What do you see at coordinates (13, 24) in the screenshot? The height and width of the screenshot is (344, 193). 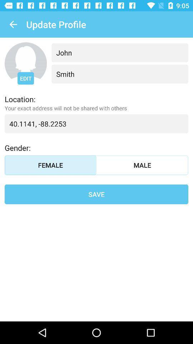 I see `the icon next to update profile item` at bounding box center [13, 24].